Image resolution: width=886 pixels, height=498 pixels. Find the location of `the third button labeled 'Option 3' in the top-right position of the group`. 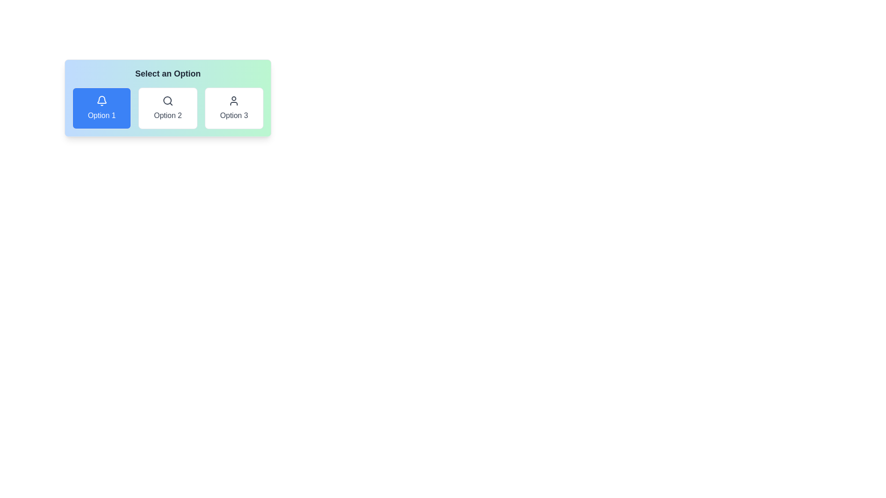

the third button labeled 'Option 3' in the top-right position of the group is located at coordinates (234, 108).